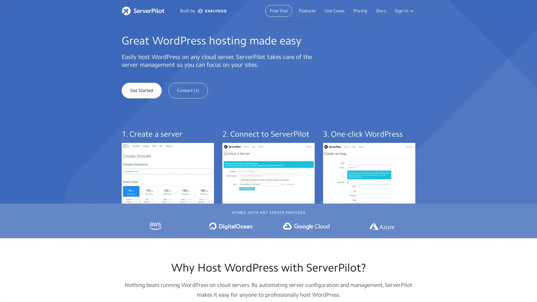 The width and height of the screenshot is (537, 302). I want to click on Docs, so click(381, 11).